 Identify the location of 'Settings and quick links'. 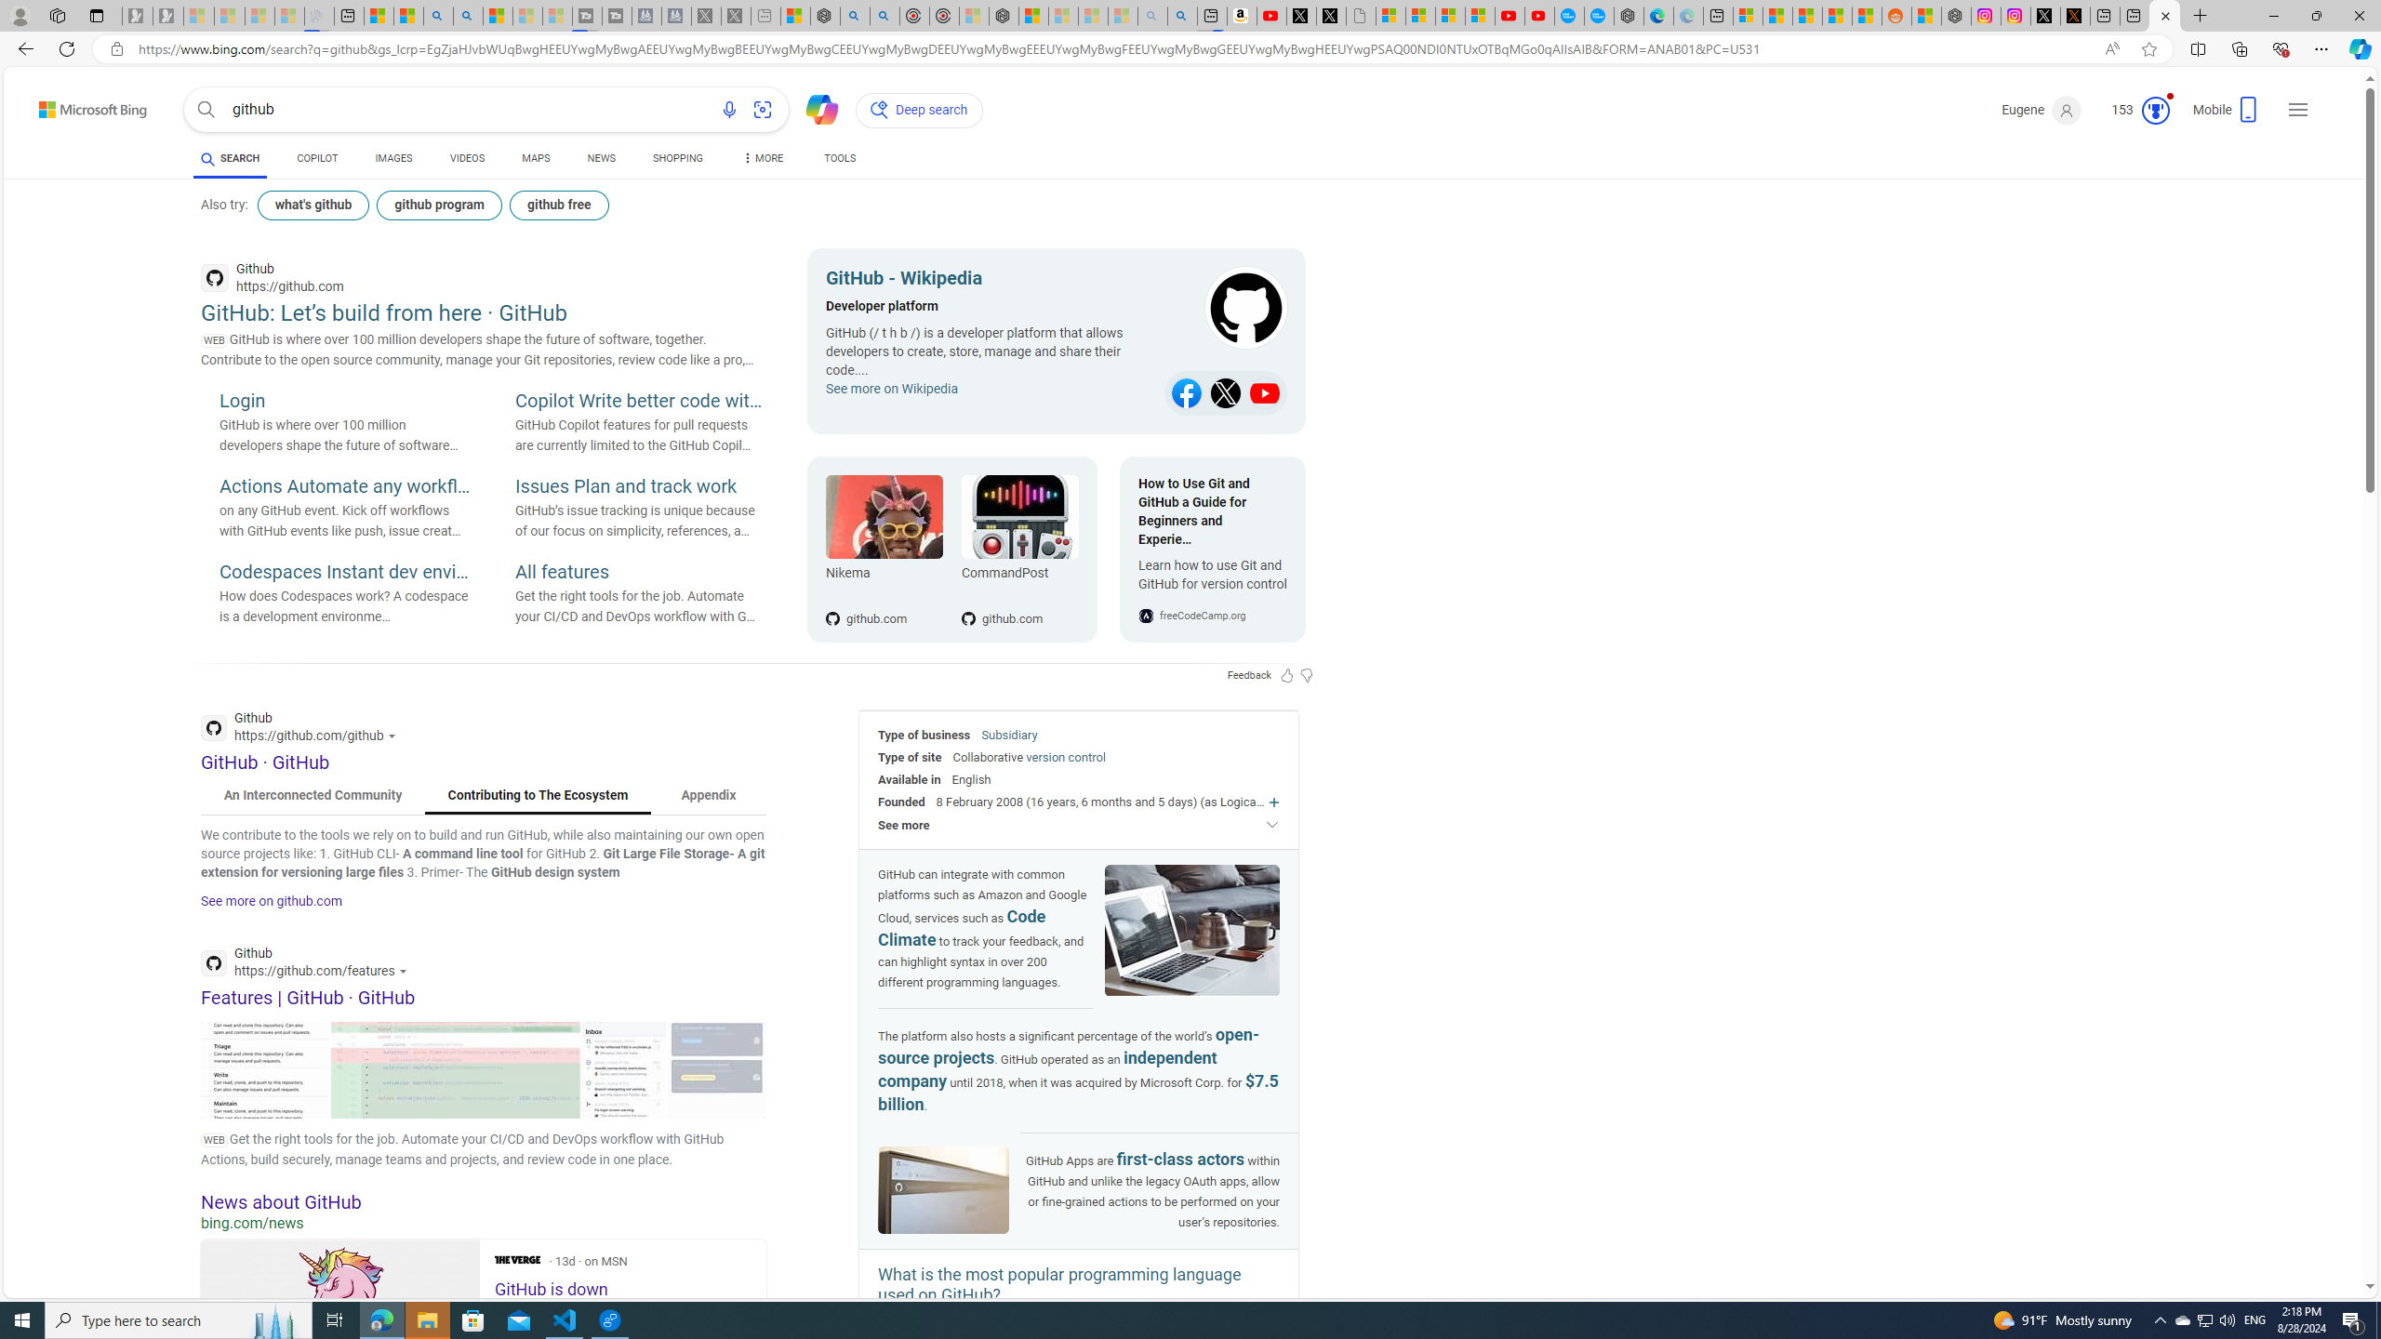
(2297, 110).